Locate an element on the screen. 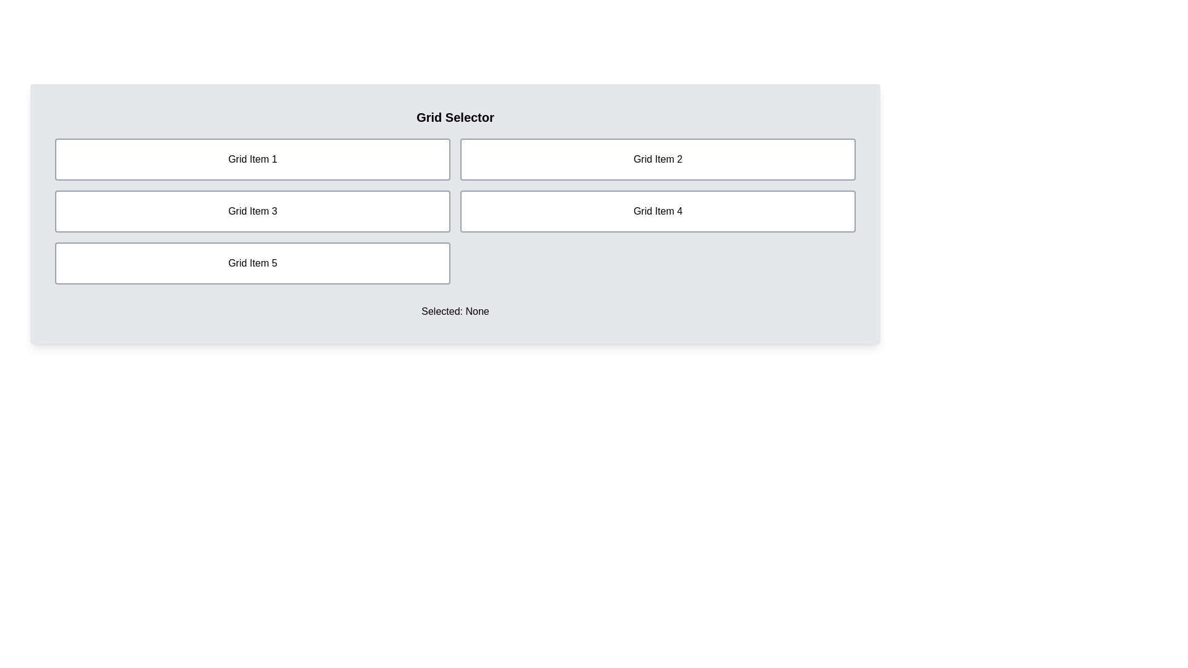 The height and width of the screenshot is (668, 1188). the label 'Grid Item 1' which is the first item in the grid layout, located at the top of the grid component is located at coordinates (252, 159).